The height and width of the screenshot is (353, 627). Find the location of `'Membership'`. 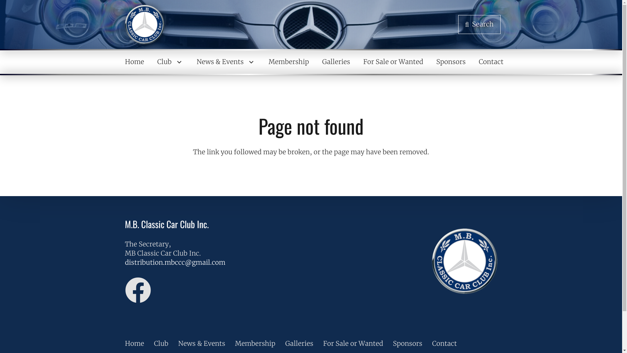

'Membership' is located at coordinates (255, 343).